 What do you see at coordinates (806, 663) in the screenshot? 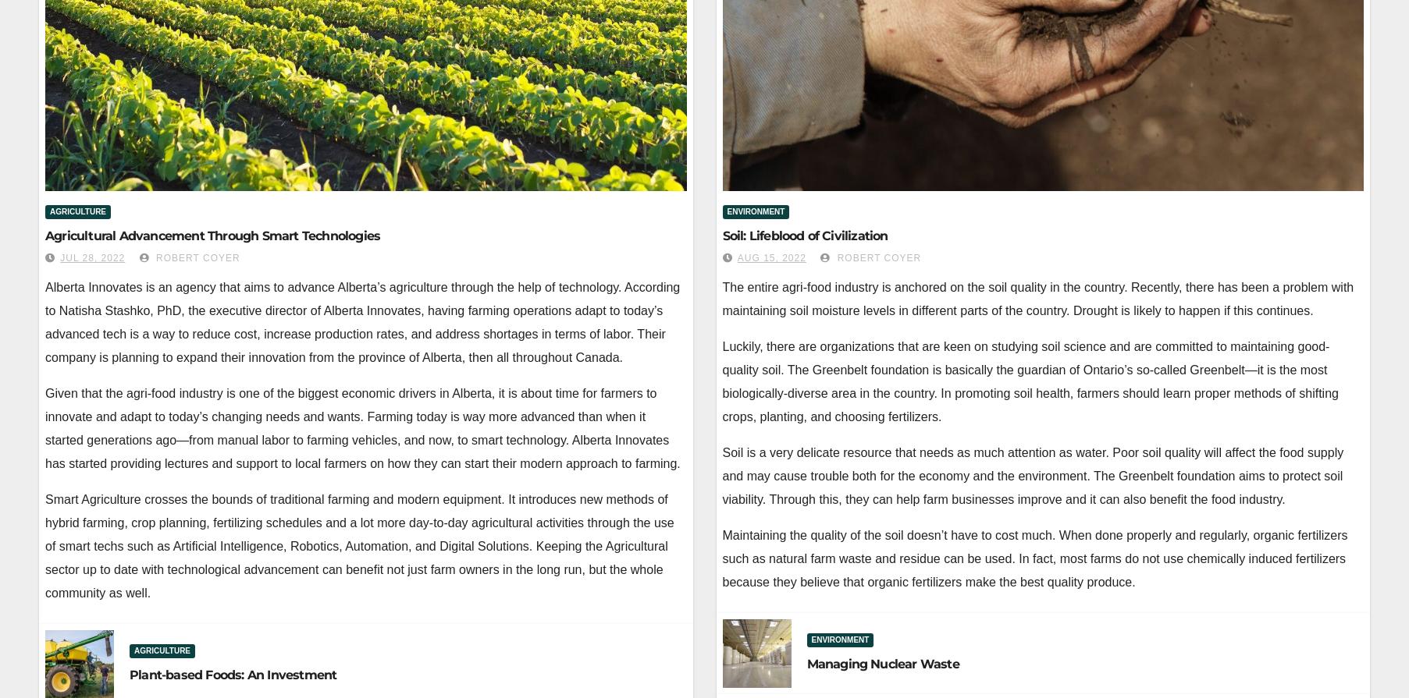
I see `'Managing Nuclear Waste'` at bounding box center [806, 663].